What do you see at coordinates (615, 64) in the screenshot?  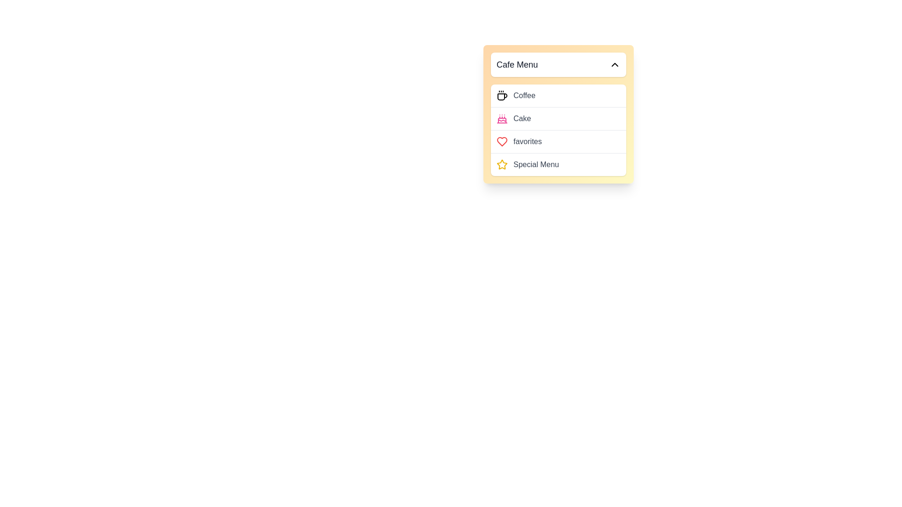 I see `the chevron-up icon button located at the top right of the header section, which is associated with the 'Cafe Menu' text` at bounding box center [615, 64].